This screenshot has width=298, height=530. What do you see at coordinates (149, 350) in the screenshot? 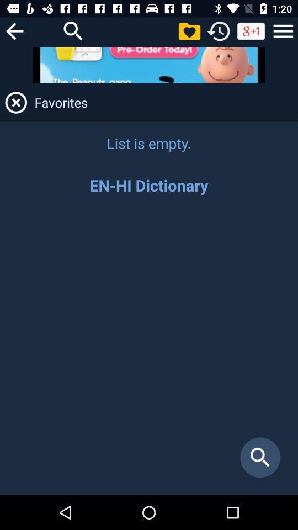
I see `search` at bounding box center [149, 350].